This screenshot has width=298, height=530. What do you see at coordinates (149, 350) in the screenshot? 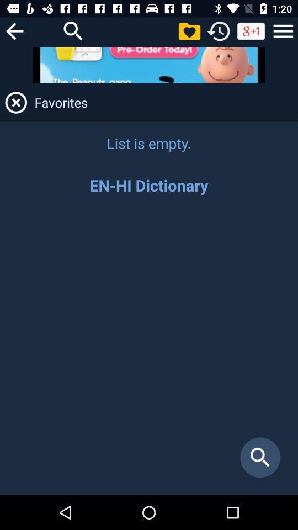
I see `search` at bounding box center [149, 350].